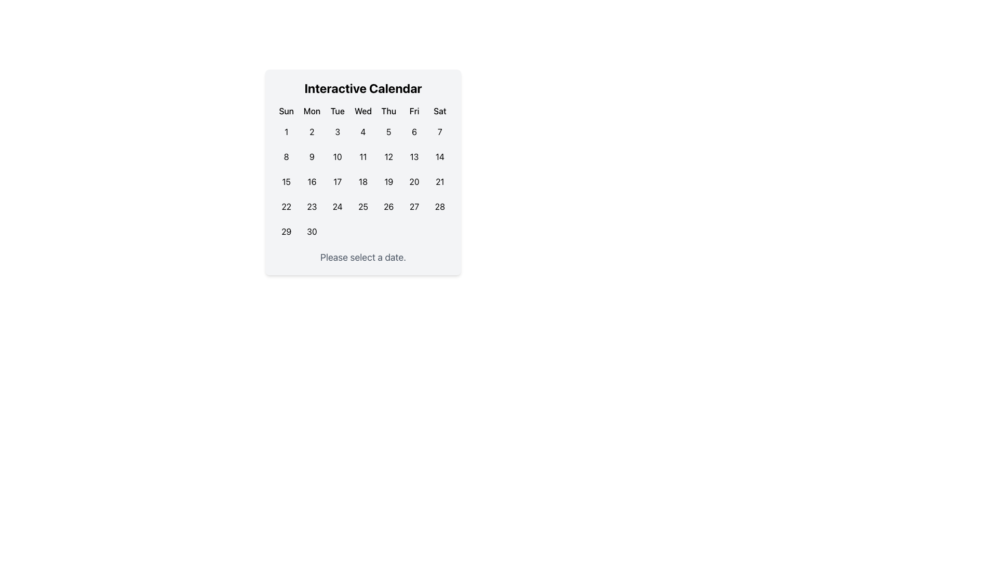 The image size is (997, 561). I want to click on the selectable date '4' button-like grid cell in the calendar component, located in the first row and fourth column under the 'Wed' header, so click(363, 131).